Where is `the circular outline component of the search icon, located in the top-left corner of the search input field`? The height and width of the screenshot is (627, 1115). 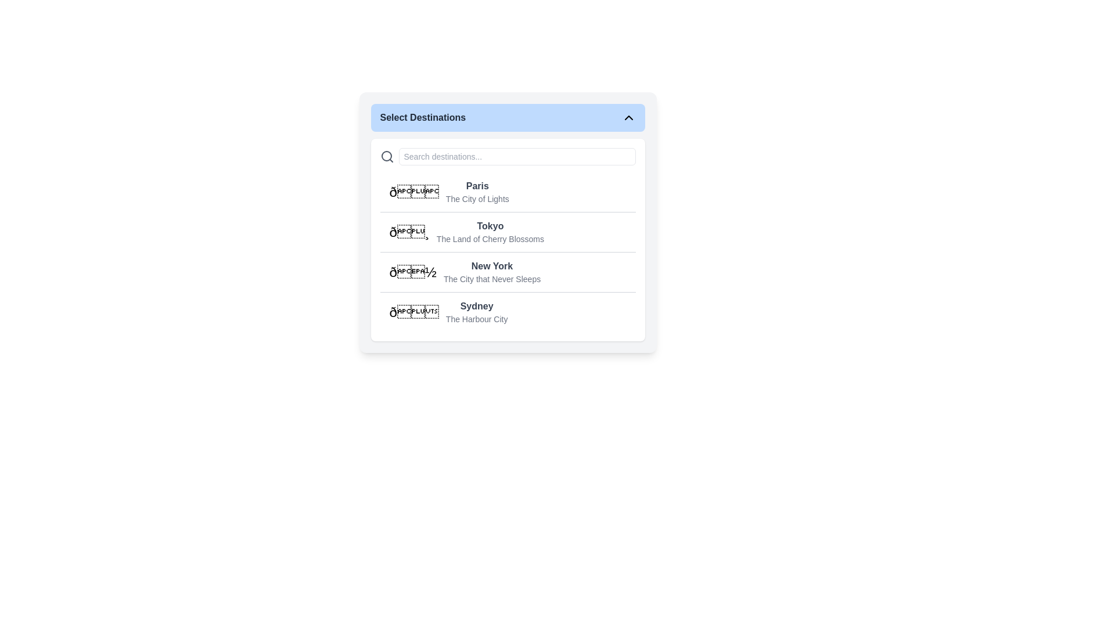 the circular outline component of the search icon, located in the top-left corner of the search input field is located at coordinates (386, 156).